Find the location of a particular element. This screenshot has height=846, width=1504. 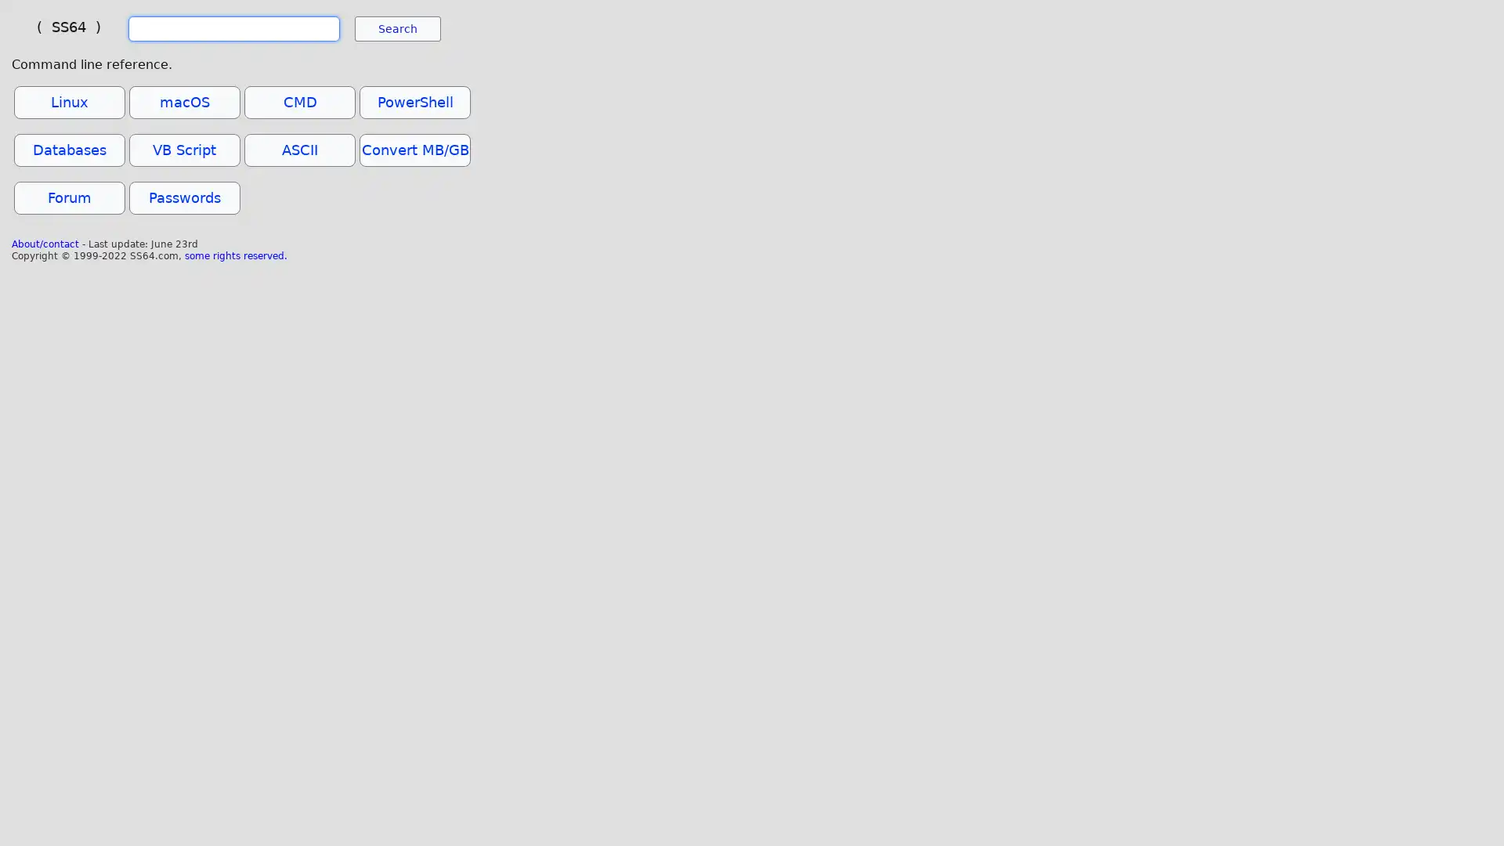

Search is located at coordinates (397, 29).